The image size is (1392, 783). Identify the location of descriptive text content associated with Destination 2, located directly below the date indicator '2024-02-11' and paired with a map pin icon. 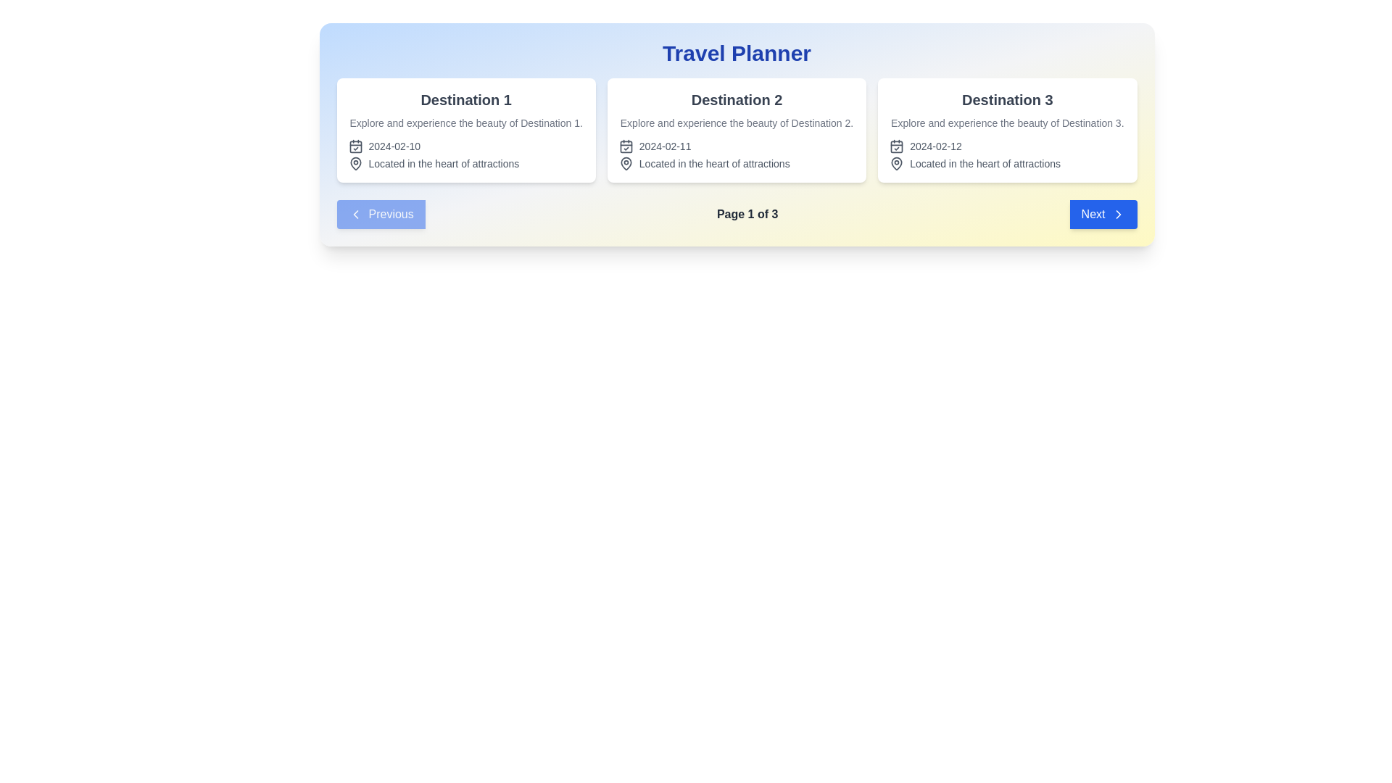
(737, 163).